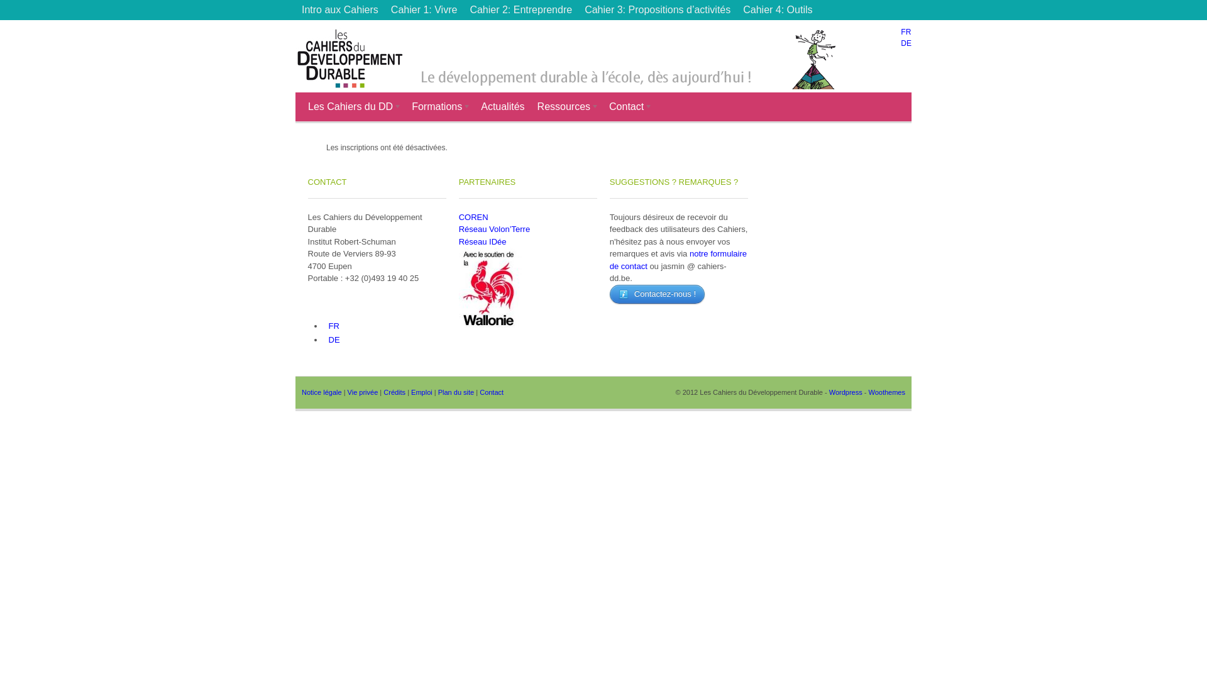 The height and width of the screenshot is (679, 1207). I want to click on 'Wordpress', so click(846, 392).